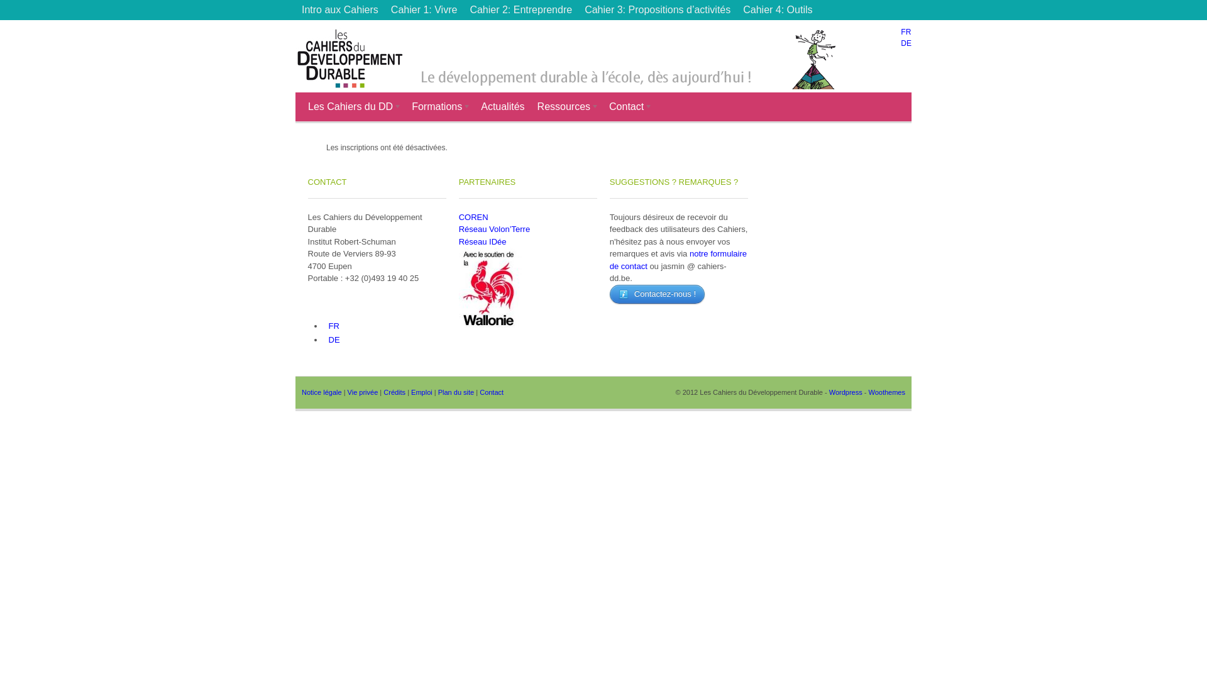 The height and width of the screenshot is (679, 1207). I want to click on 'Wordpress', so click(846, 392).